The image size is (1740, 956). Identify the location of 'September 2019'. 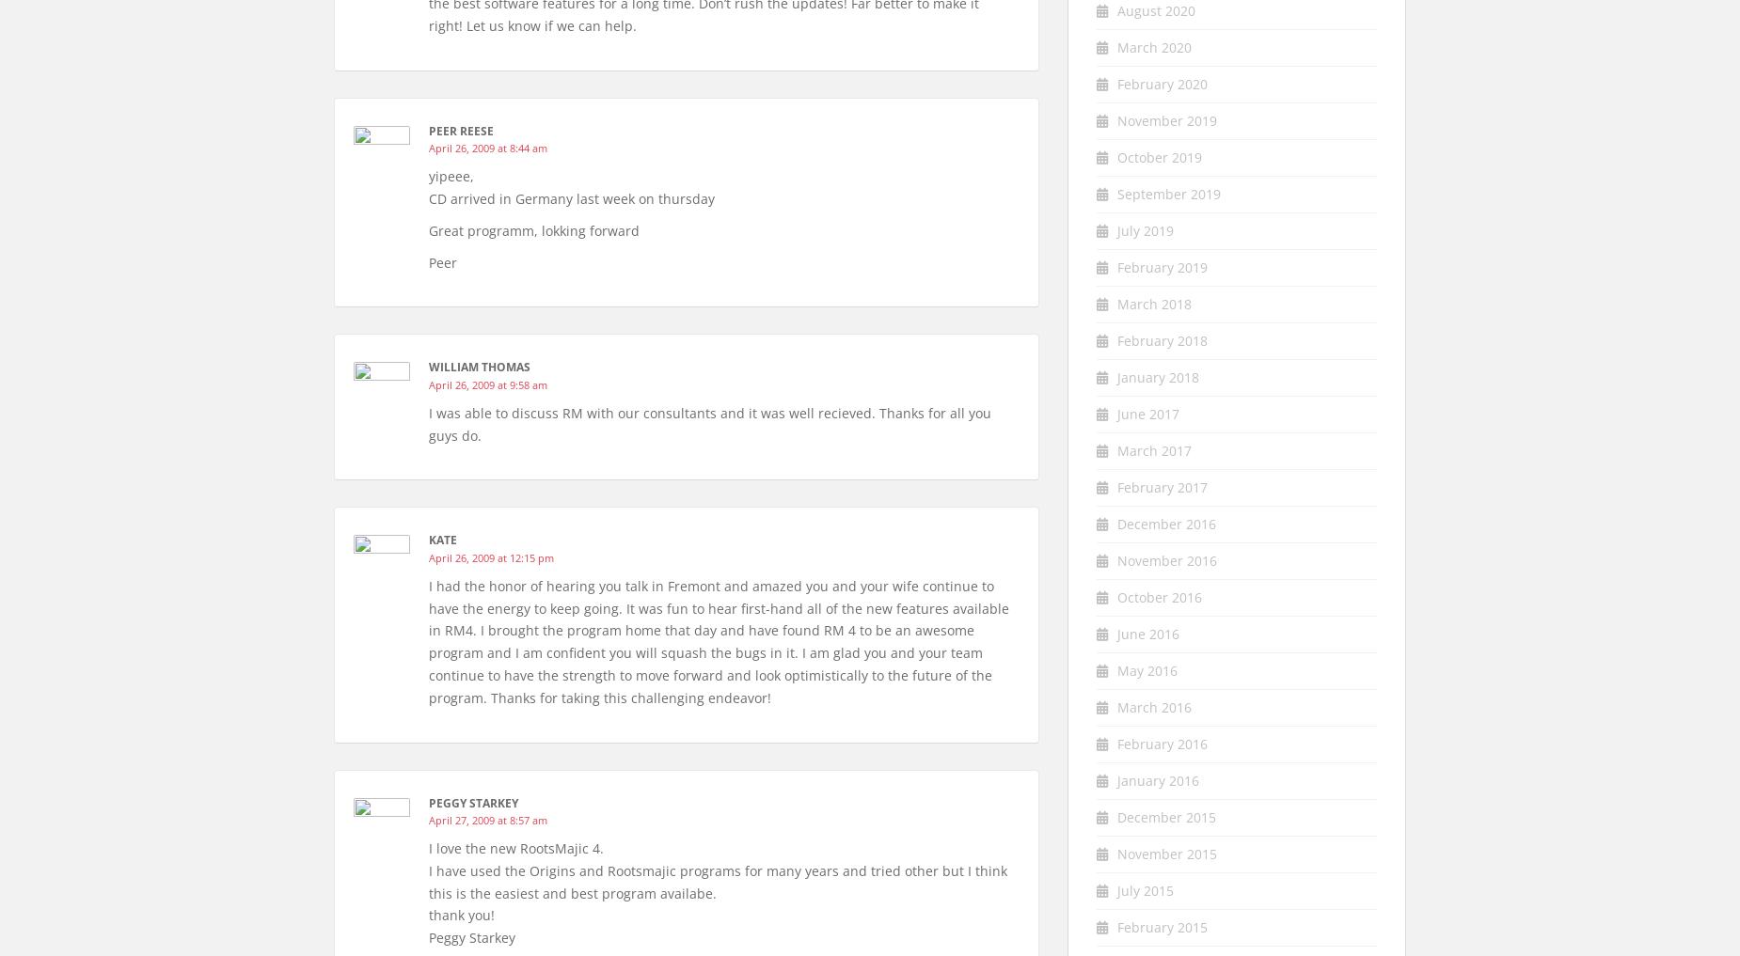
(1168, 193).